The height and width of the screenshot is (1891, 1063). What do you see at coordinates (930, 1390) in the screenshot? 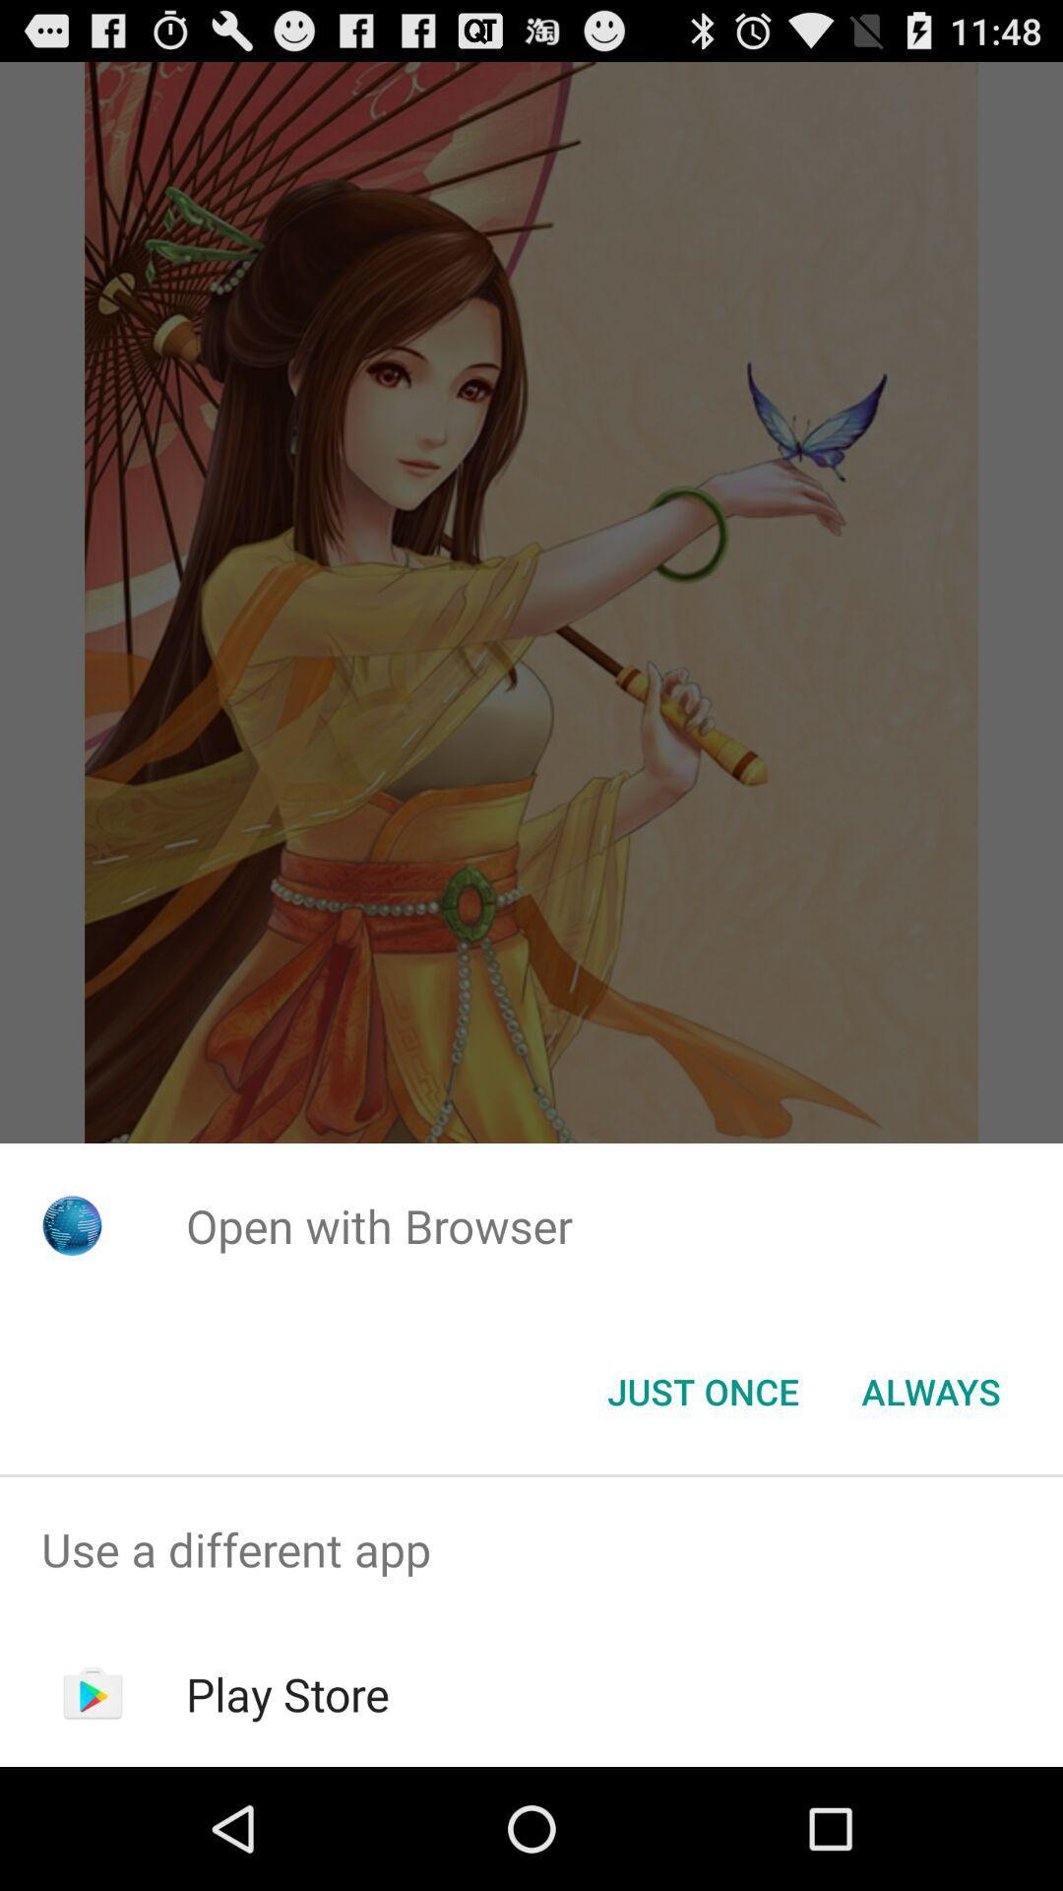
I see `the always button` at bounding box center [930, 1390].